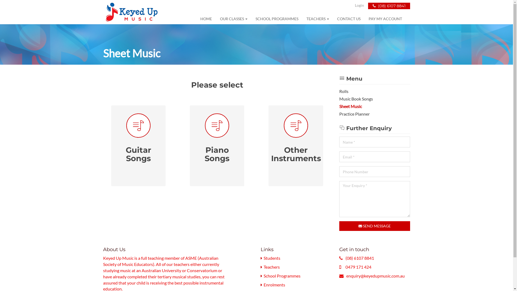 The width and height of the screenshot is (517, 291). Describe the element at coordinates (271, 267) in the screenshot. I see `'Teachers'` at that location.